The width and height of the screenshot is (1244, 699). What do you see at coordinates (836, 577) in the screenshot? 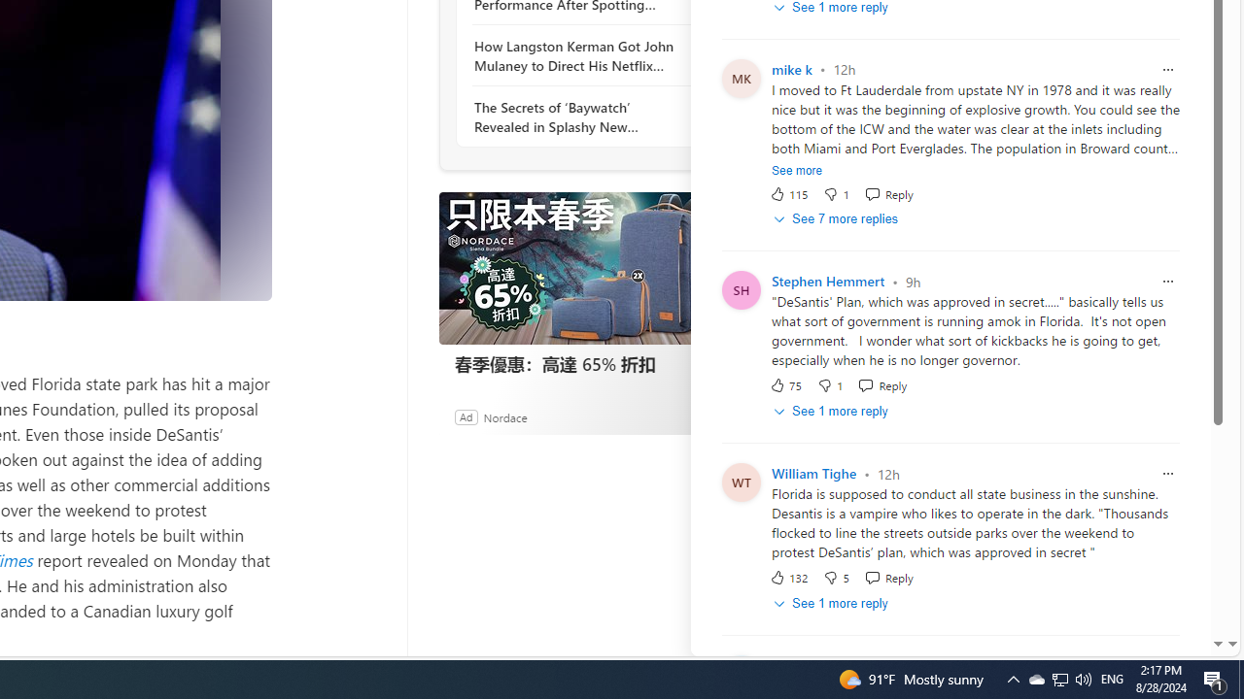
I see `'Dislike'` at bounding box center [836, 577].